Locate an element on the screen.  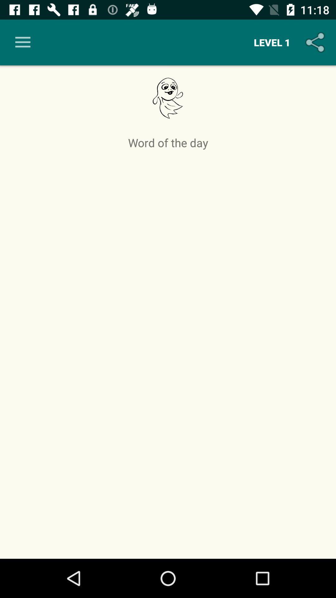
level 1 item is located at coordinates (272, 42).